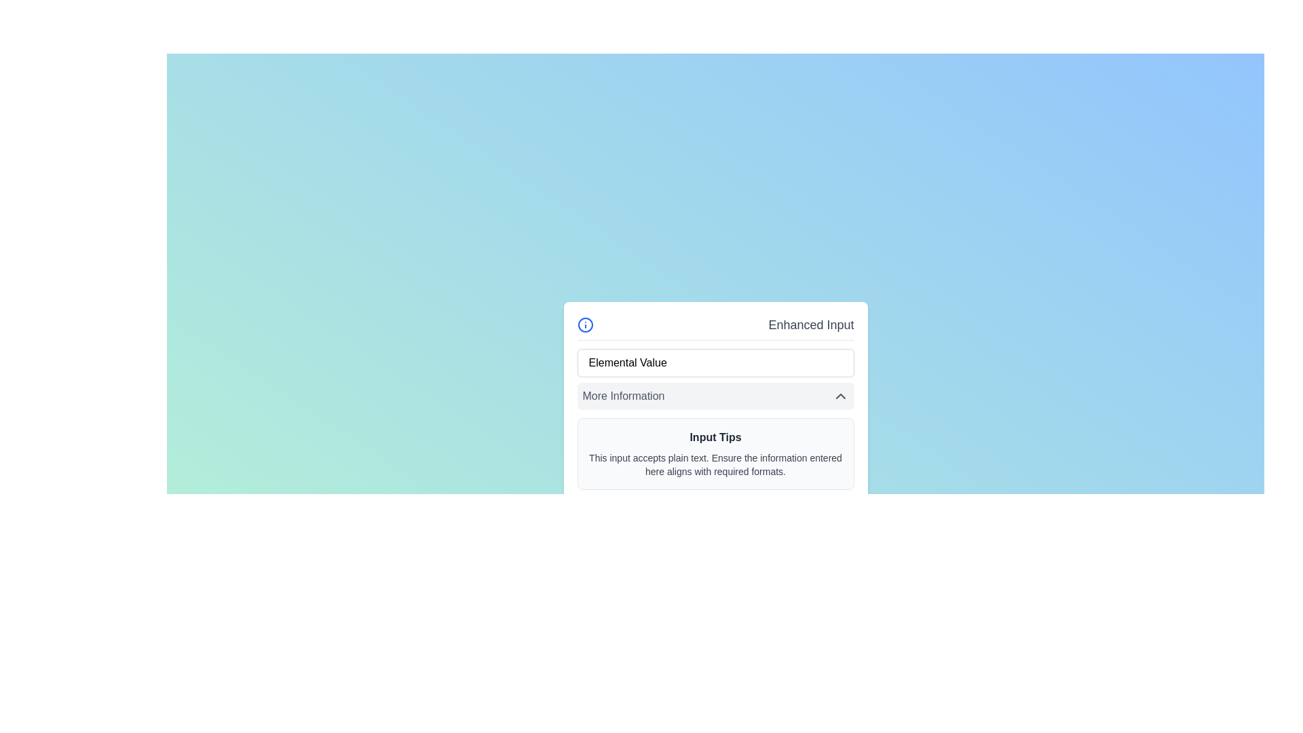  What do you see at coordinates (585, 324) in the screenshot?
I see `the blue circular outline of the SVG icon located at the top-left corner of the 'Enhanced Input' component` at bounding box center [585, 324].